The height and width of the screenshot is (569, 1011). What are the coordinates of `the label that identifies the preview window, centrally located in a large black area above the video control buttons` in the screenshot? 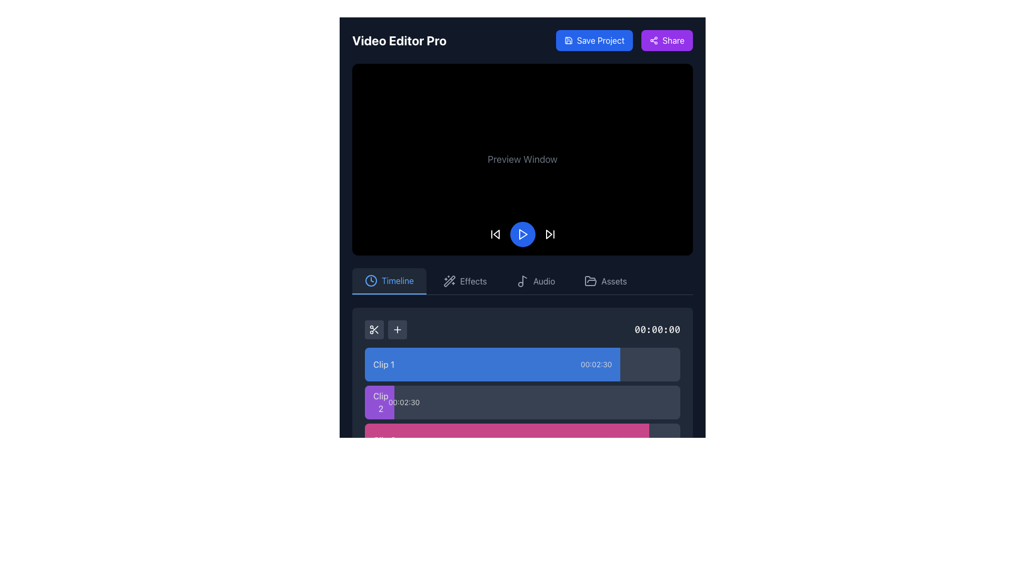 It's located at (522, 159).